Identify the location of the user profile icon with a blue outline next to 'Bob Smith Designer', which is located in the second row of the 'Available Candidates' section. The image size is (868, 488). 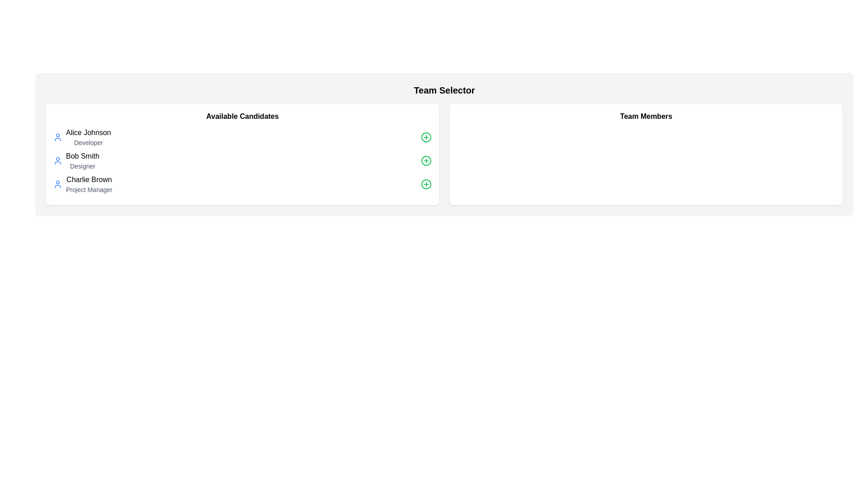
(57, 160).